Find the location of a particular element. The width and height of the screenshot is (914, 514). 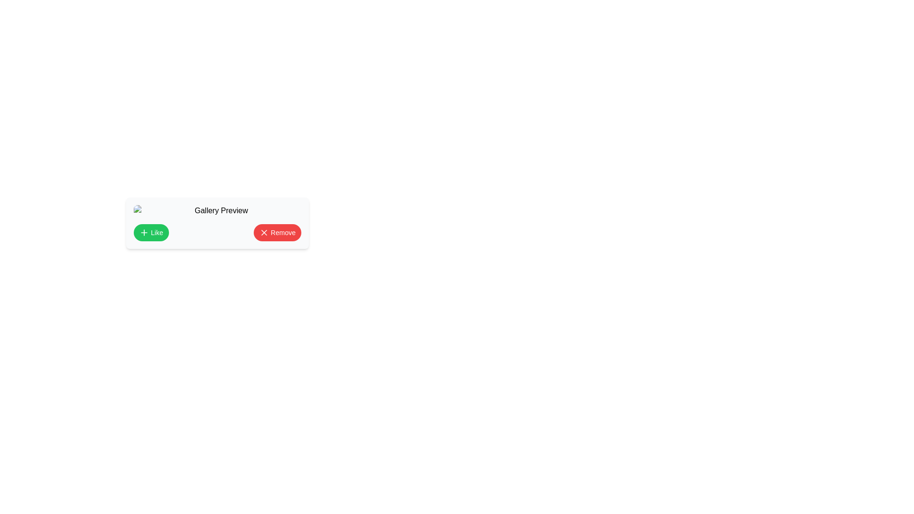

the 'Remove' button, which is the second button located to the right of the green 'Like' button on a horizontal bar is located at coordinates (277, 233).